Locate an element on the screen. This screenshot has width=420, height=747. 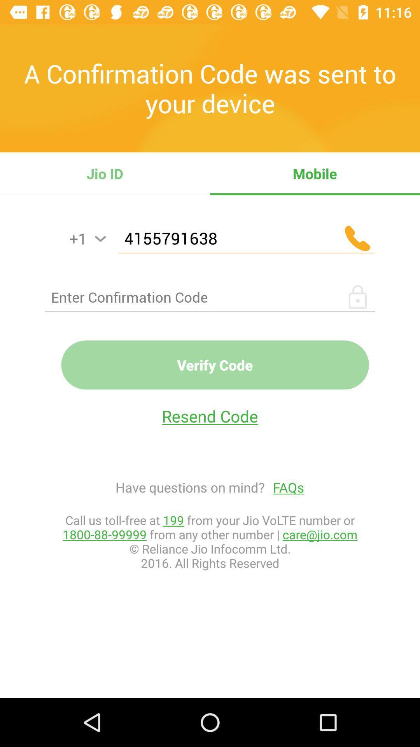
item on the right is located at coordinates (284, 487).